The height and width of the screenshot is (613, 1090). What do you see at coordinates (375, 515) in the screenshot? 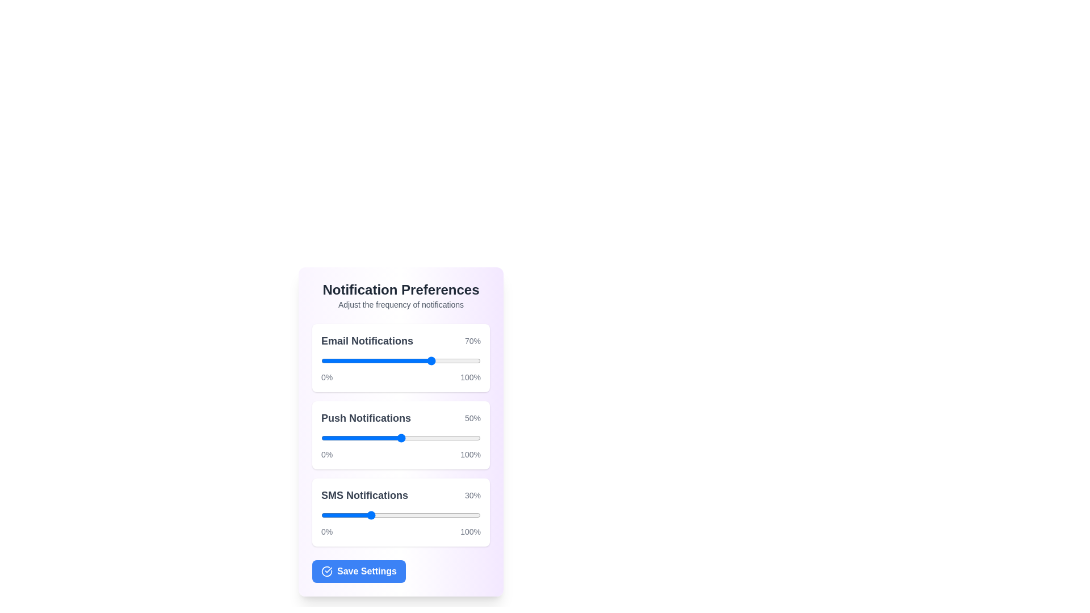
I see `SMS notification slider` at bounding box center [375, 515].